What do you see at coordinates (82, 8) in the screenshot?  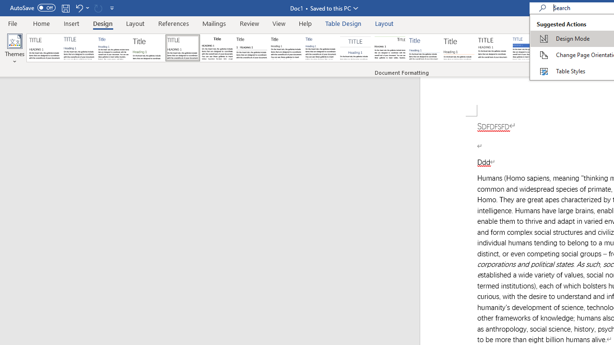 I see `'Undo Apply Quick Style Set'` at bounding box center [82, 8].